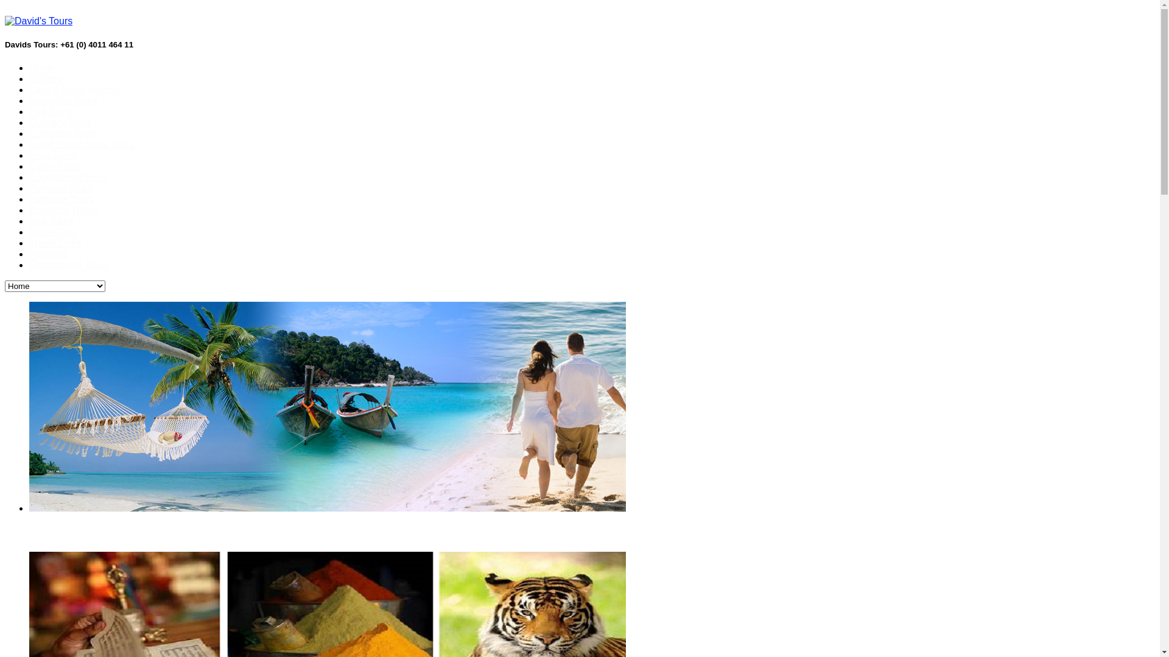 The image size is (1169, 657). Describe the element at coordinates (548, 533) in the screenshot. I see `' Wellness Tours'` at that location.